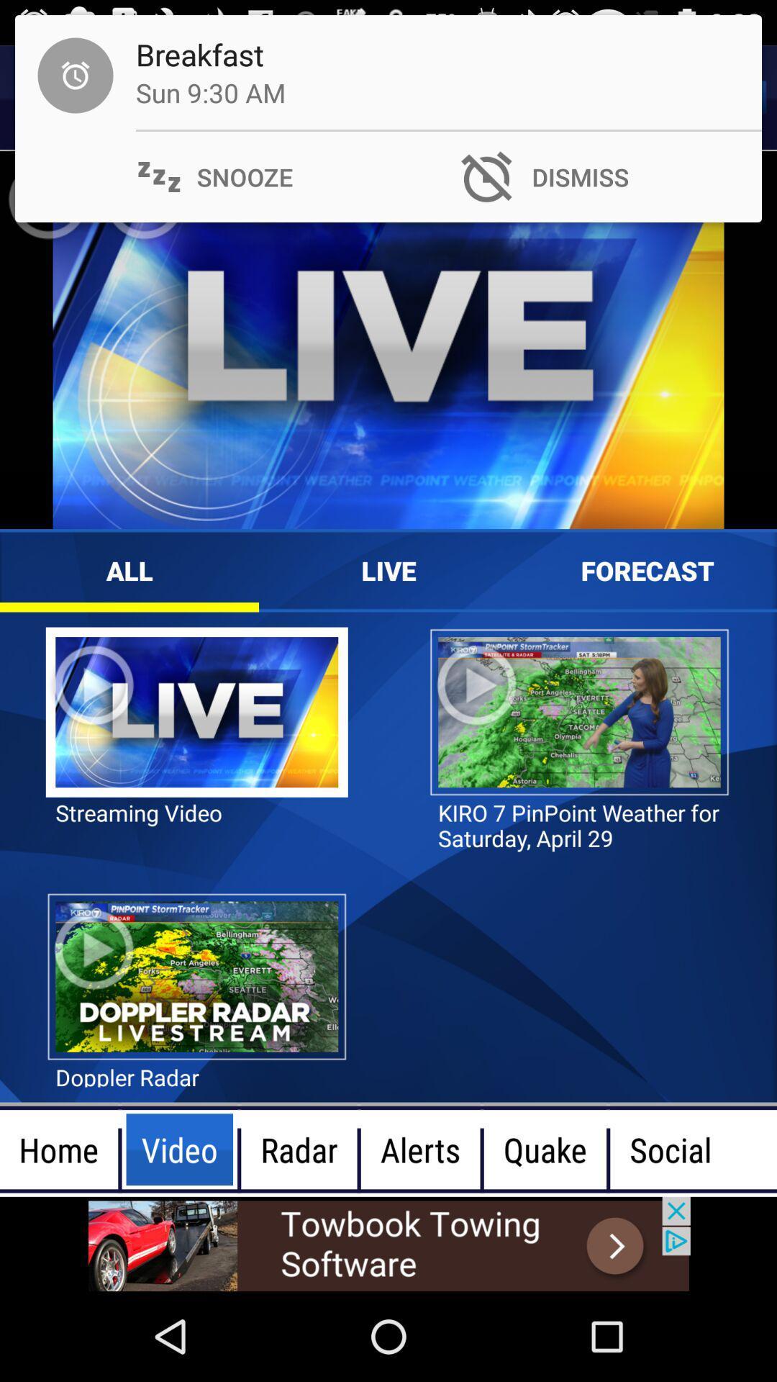 The image size is (777, 1382). I want to click on the time icon, so click(52, 97).